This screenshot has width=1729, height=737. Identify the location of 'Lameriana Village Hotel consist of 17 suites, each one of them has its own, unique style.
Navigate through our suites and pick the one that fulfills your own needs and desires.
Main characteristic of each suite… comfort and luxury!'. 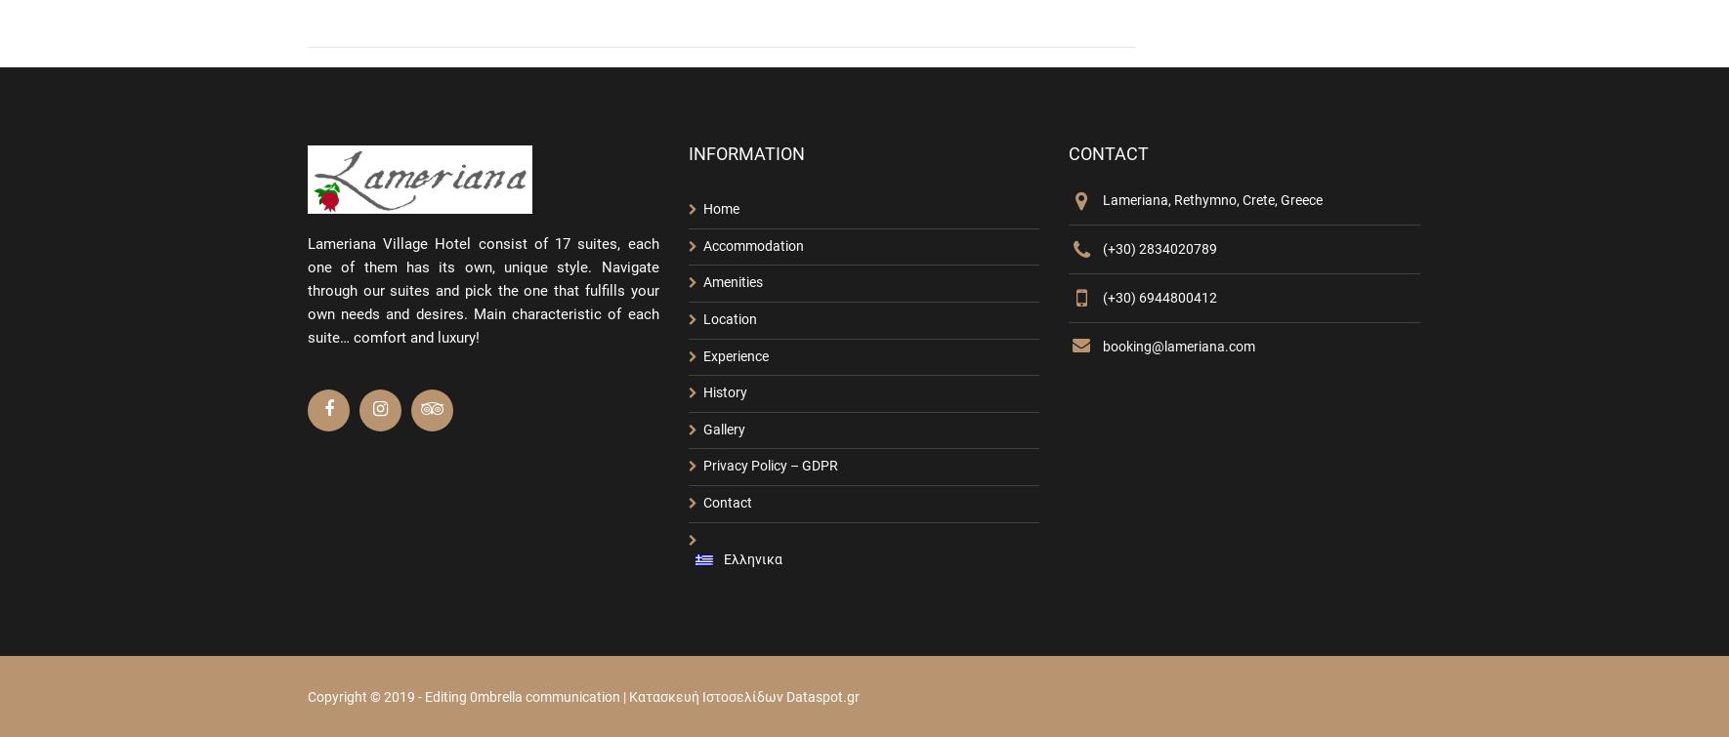
(483, 290).